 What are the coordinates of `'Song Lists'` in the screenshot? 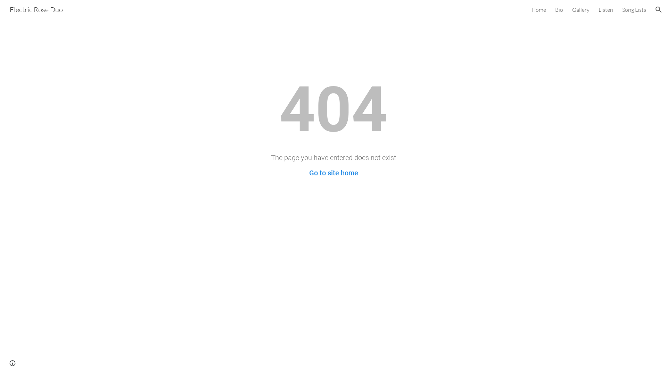 It's located at (634, 9).